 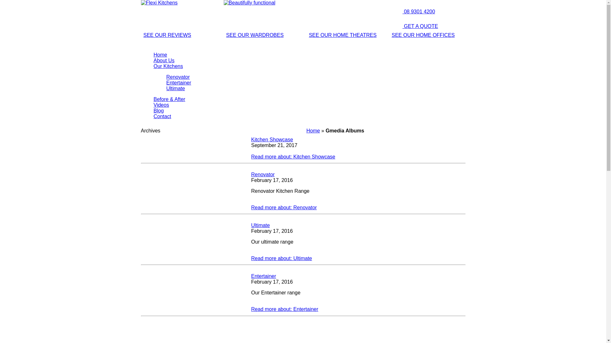 I want to click on 'Videos', so click(x=161, y=104).